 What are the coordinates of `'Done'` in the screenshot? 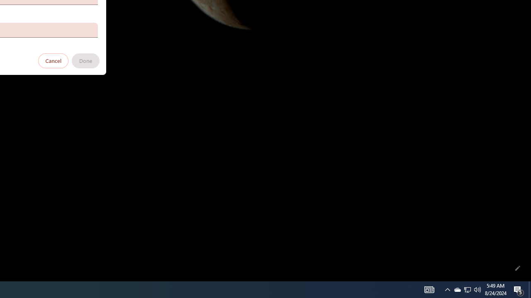 It's located at (85, 60).